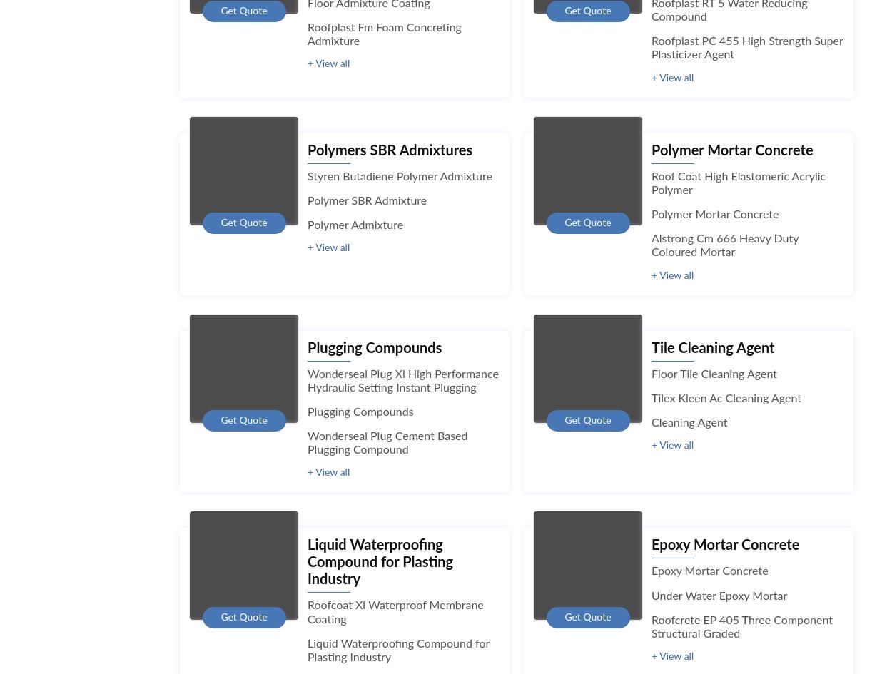 The height and width of the screenshot is (674, 892). Describe the element at coordinates (652, 626) in the screenshot. I see `'Roofcrete EP 405 Three Component Structural Graded'` at that location.